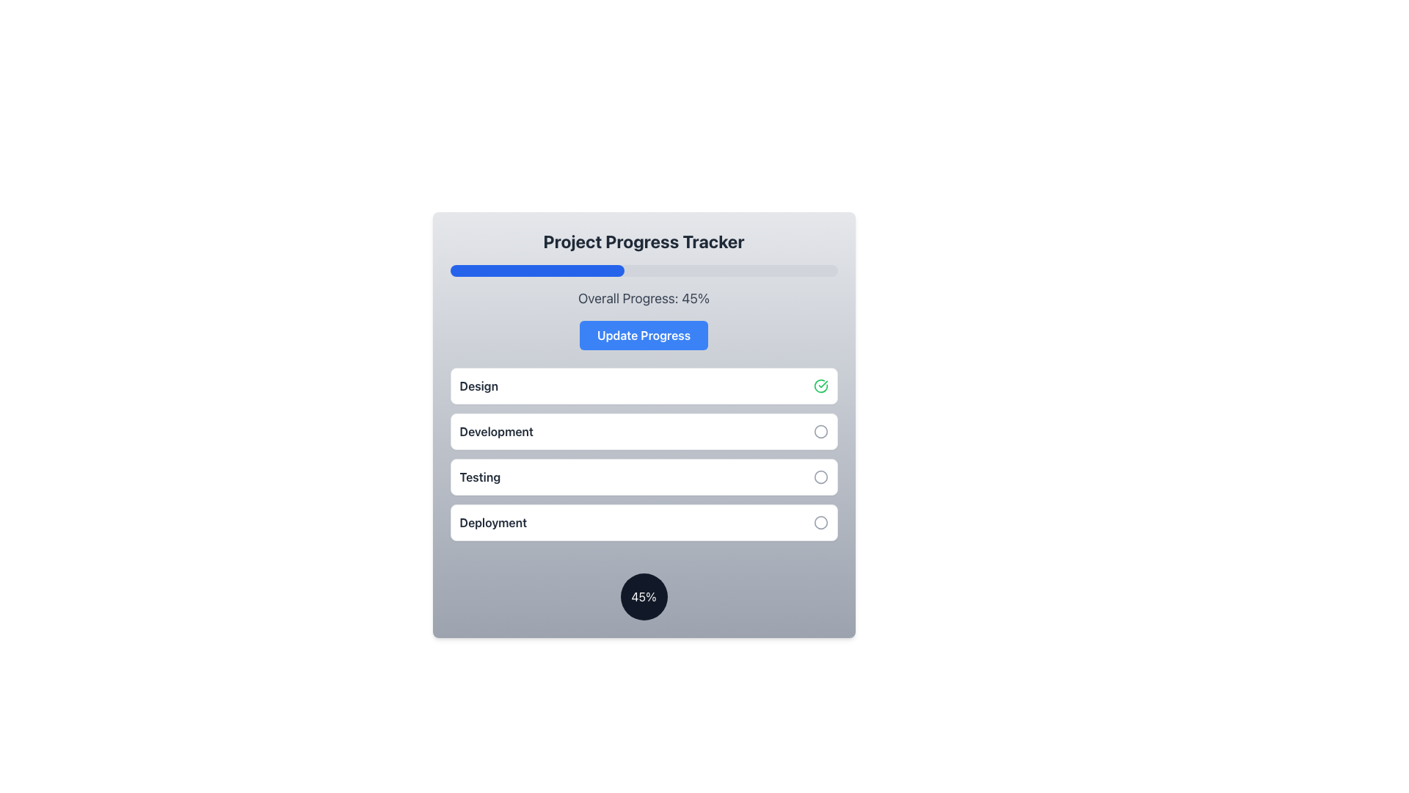 Image resolution: width=1409 pixels, height=793 pixels. Describe the element at coordinates (820, 477) in the screenshot. I see `the third status icon in the 'Testing' row of the list, which indicates a particular standing or state in a progress tracker` at that location.